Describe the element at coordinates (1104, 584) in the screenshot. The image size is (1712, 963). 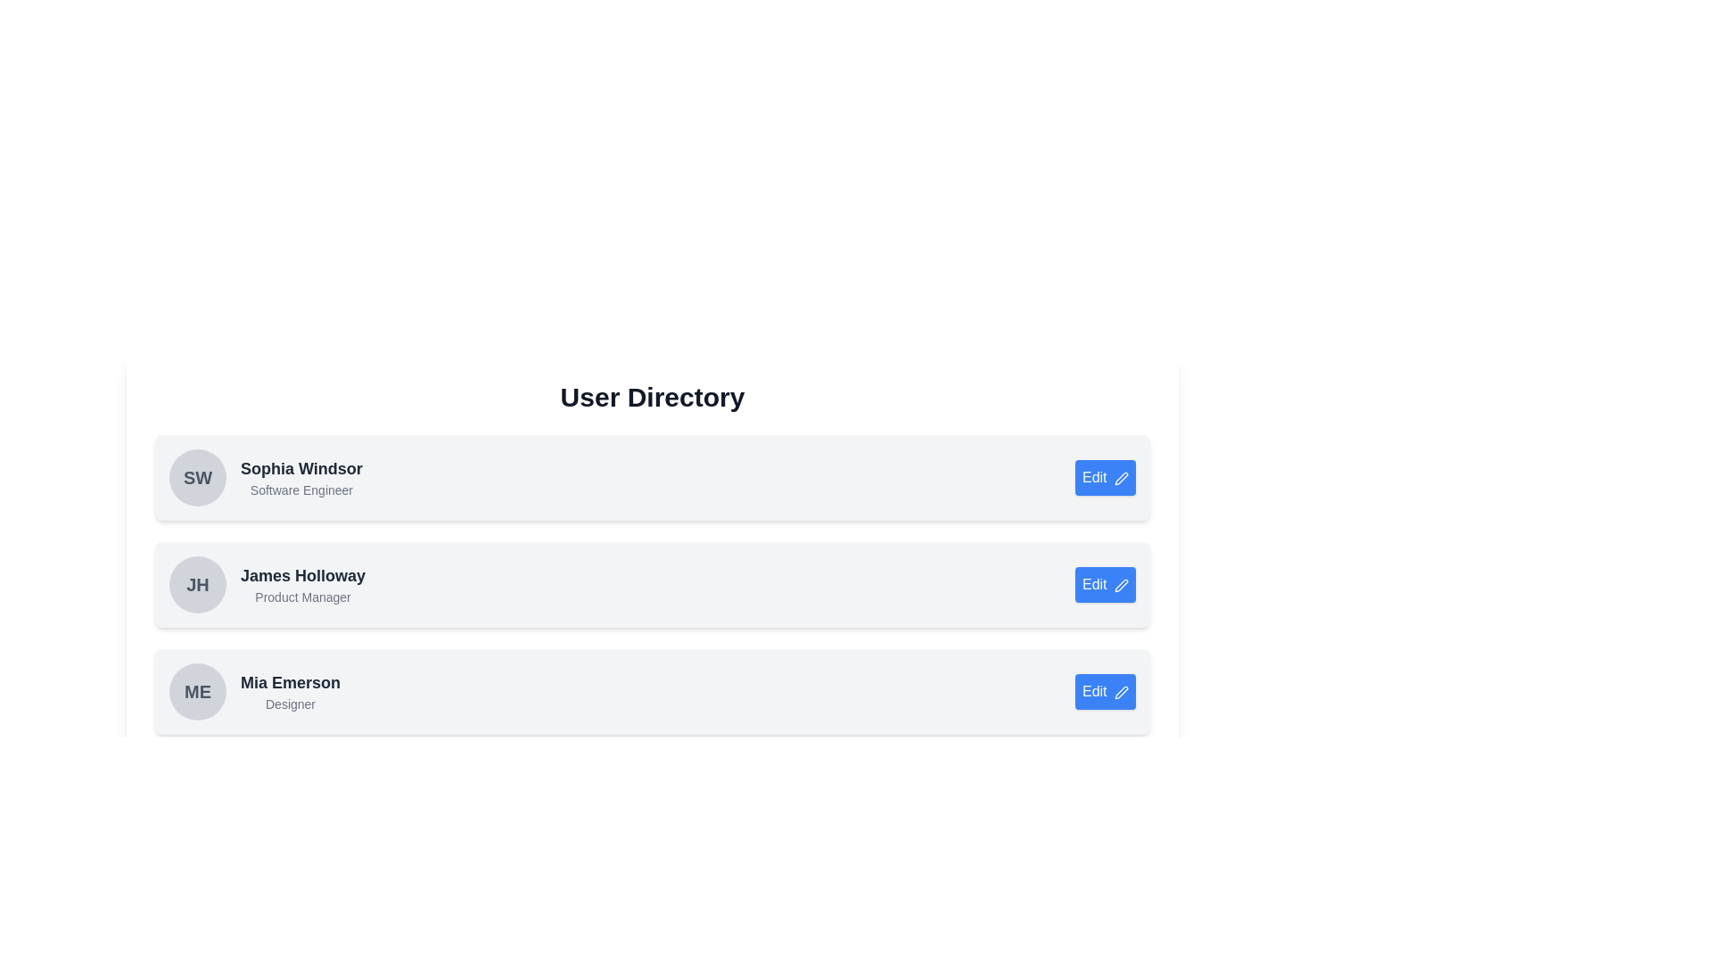
I see `the blue 'Edit' button with a rounded border located in the top-right corner of the user card for 'James Holloway, Product Manager'` at that location.